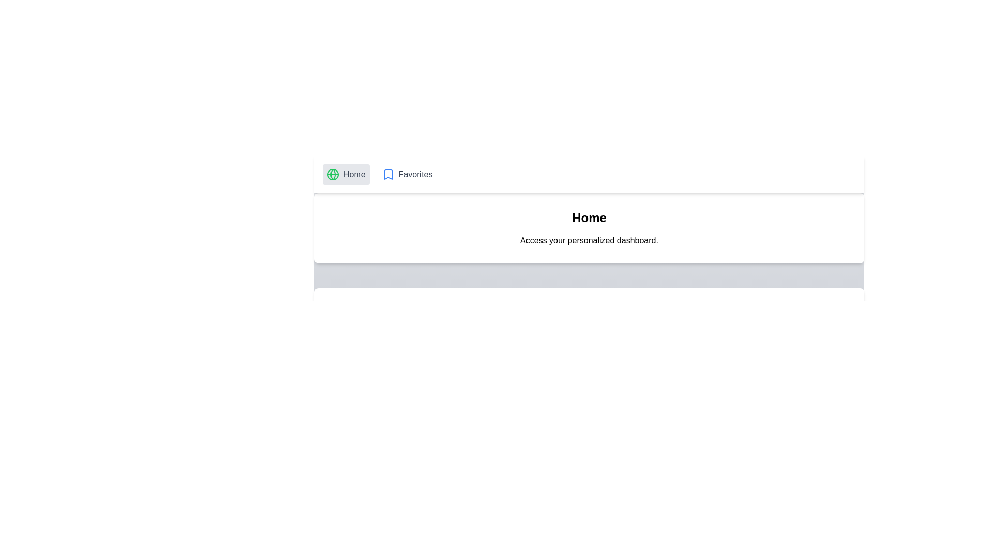 This screenshot has height=558, width=993. Describe the element at coordinates (346, 174) in the screenshot. I see `the 'Home' button with a gray background and a green globe-shaped icon` at that location.